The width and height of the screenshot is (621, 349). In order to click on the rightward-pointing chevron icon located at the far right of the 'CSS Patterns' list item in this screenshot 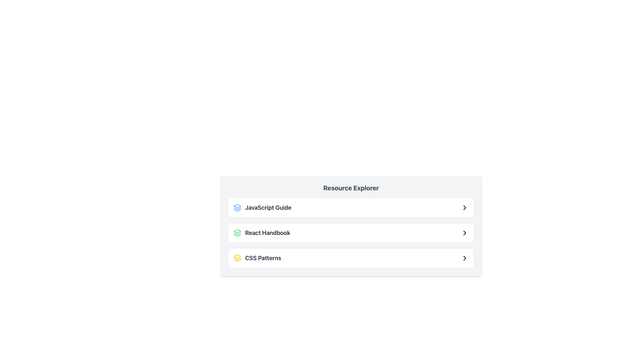, I will do `click(464, 258)`.